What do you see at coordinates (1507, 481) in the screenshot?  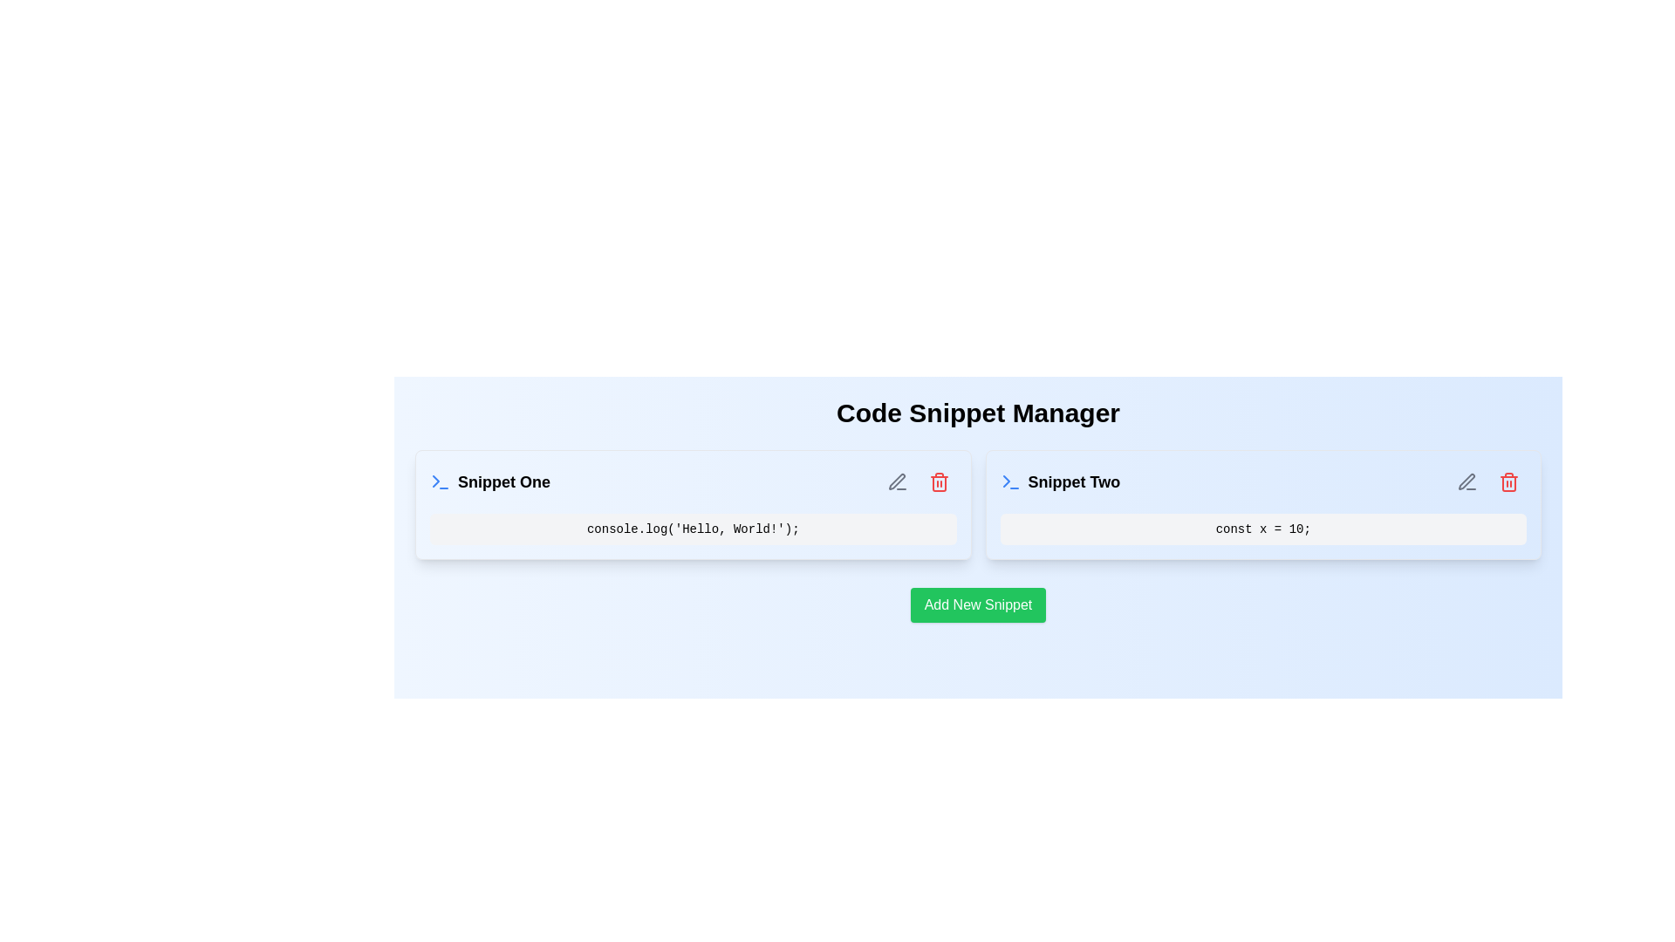 I see `the delete button icon located in the top-right corner of 'Snippet Two'` at bounding box center [1507, 481].